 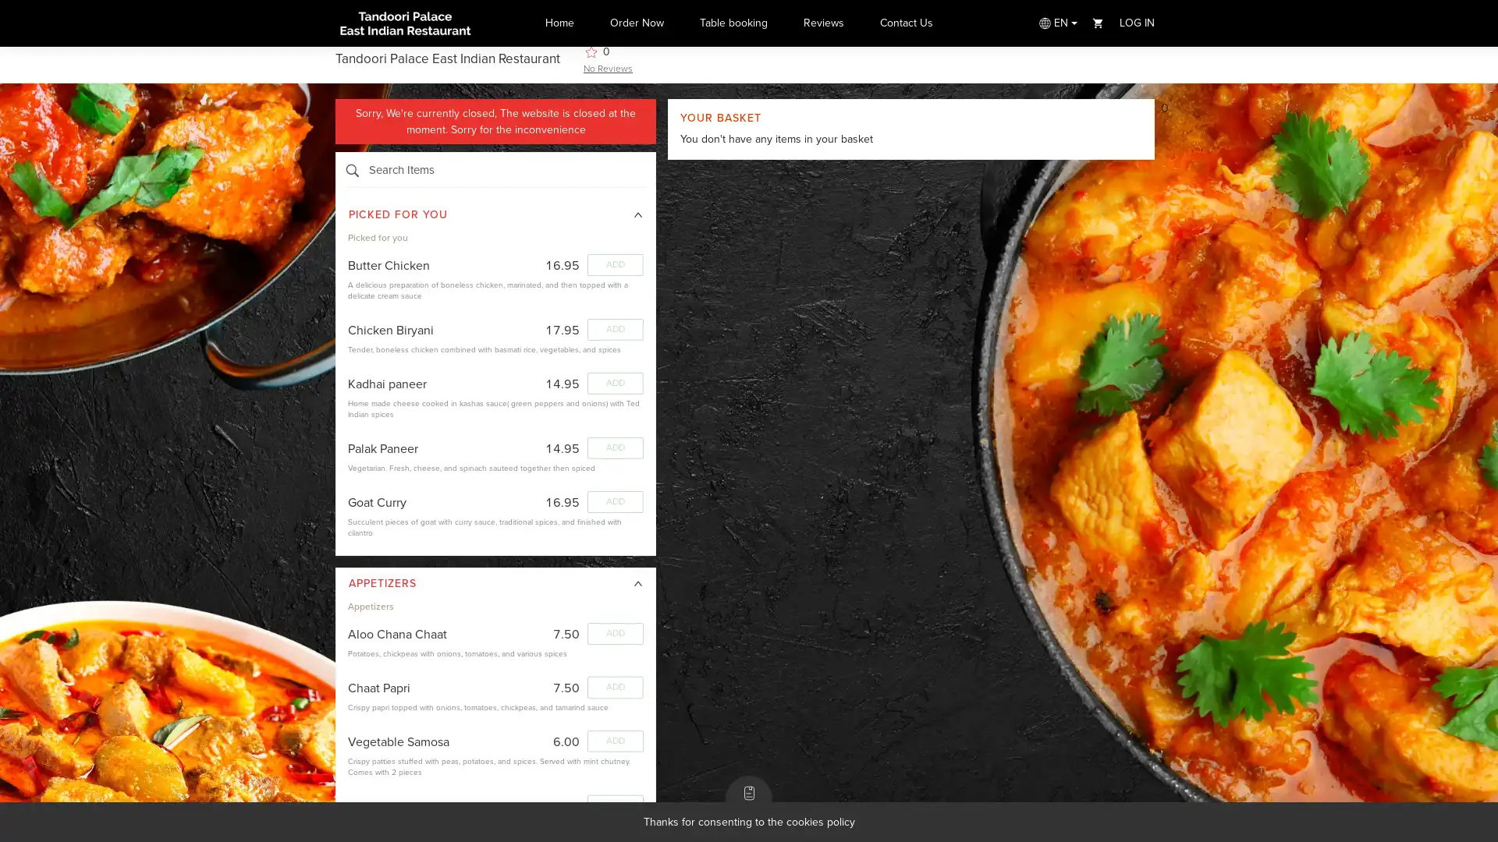 I want to click on icon: right APPETIZERS, so click(x=495, y=583).